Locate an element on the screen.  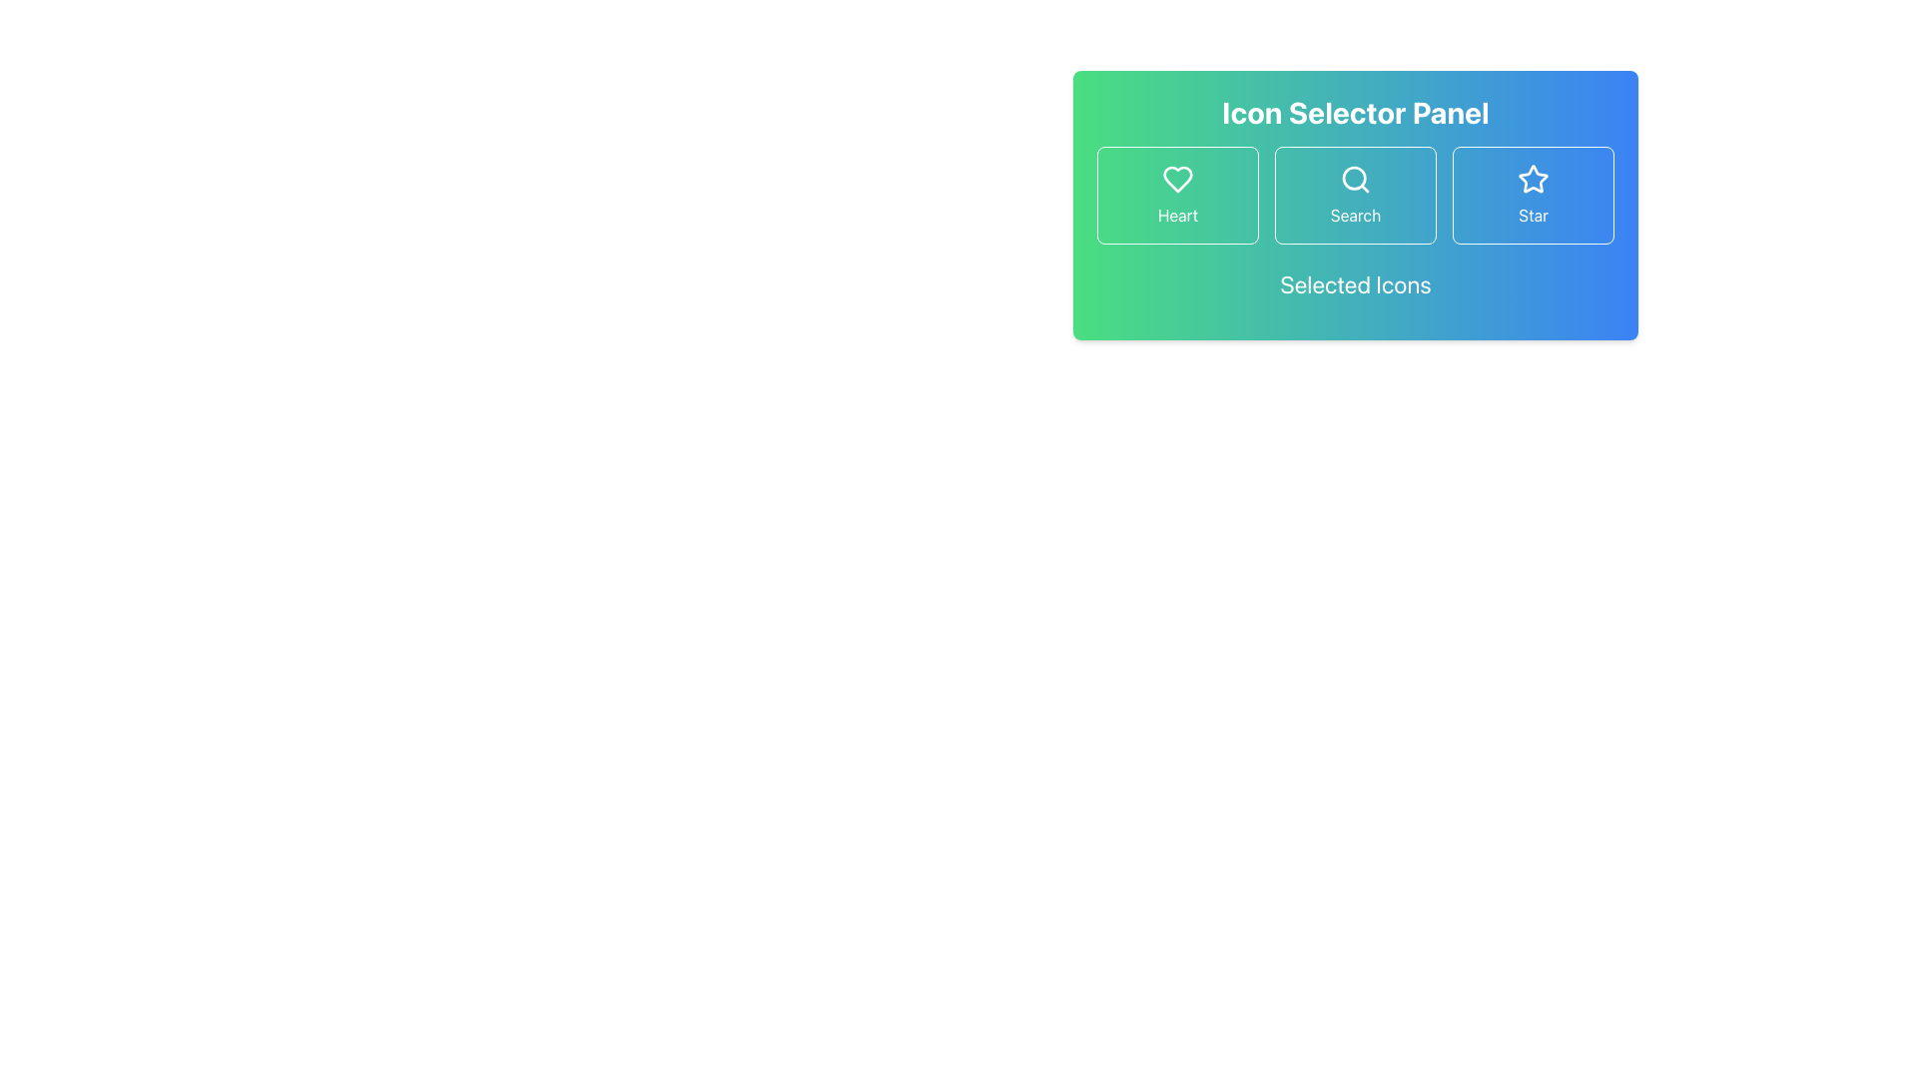
the visual state of the star icon, which is the third button in the Icon Selector Panel, to check for selection indication is located at coordinates (1533, 180).